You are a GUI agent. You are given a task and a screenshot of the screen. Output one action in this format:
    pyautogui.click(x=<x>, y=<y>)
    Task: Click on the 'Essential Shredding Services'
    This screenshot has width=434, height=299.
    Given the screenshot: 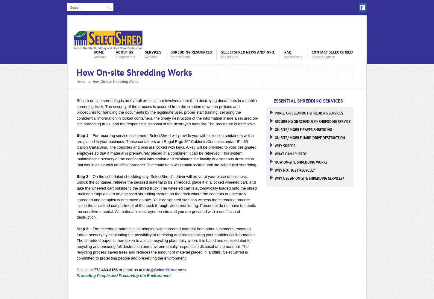 What is the action you would take?
    pyautogui.click(x=308, y=101)
    